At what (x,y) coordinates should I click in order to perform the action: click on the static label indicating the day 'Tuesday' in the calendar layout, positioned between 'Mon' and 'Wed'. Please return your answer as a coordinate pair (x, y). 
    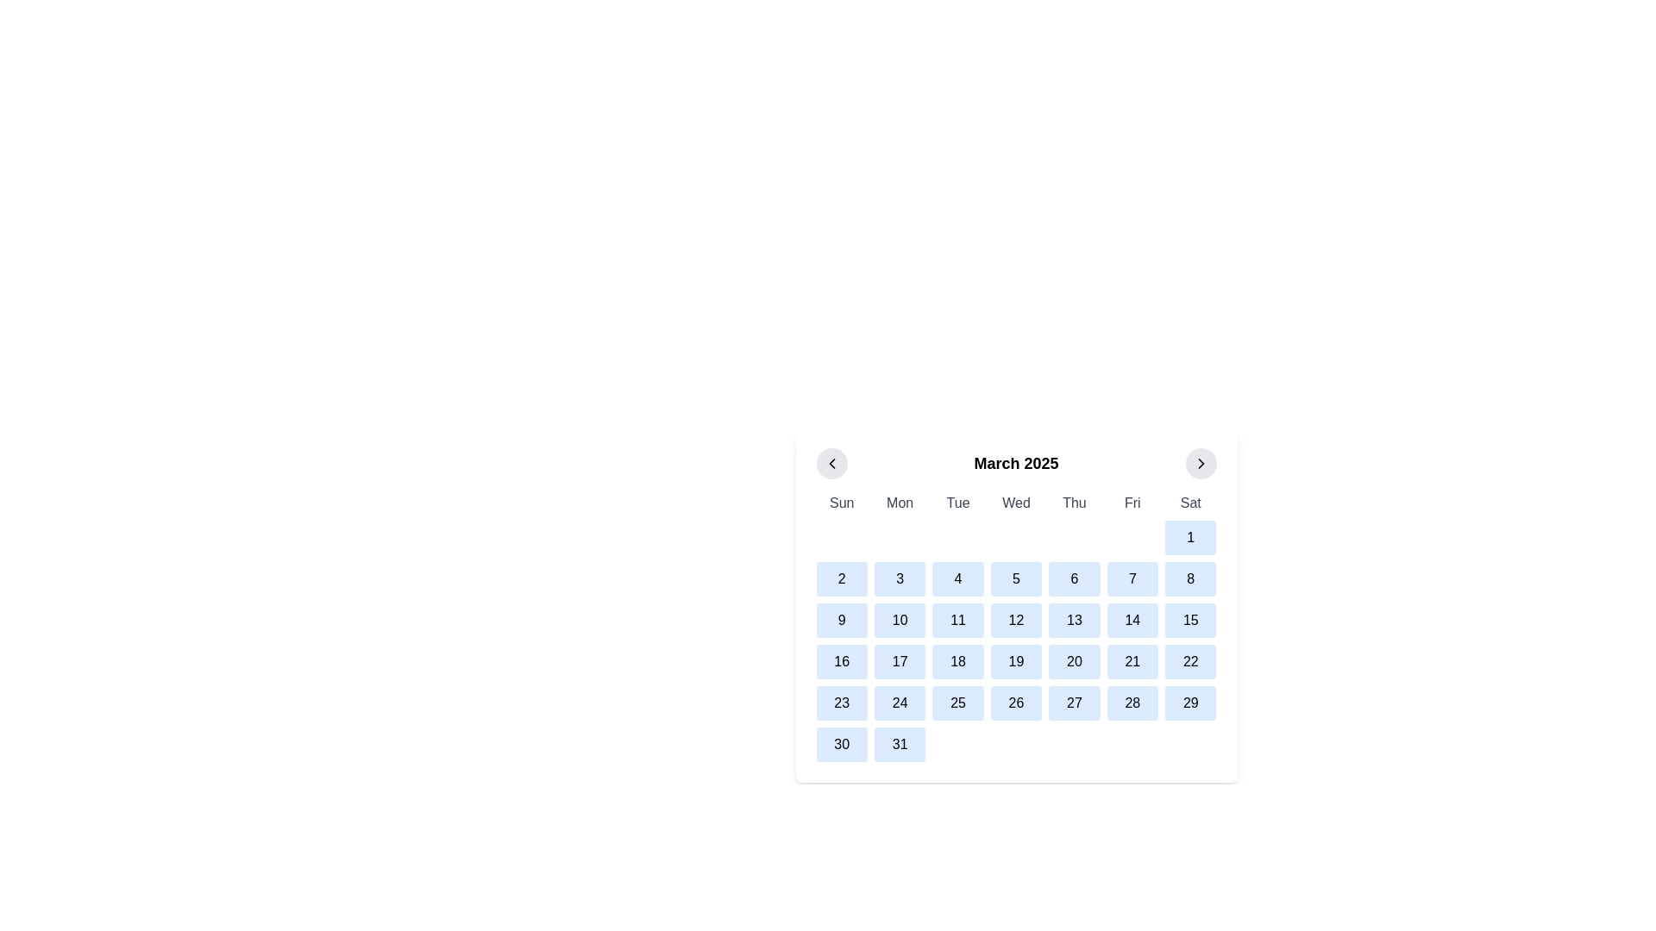
    Looking at the image, I should click on (957, 503).